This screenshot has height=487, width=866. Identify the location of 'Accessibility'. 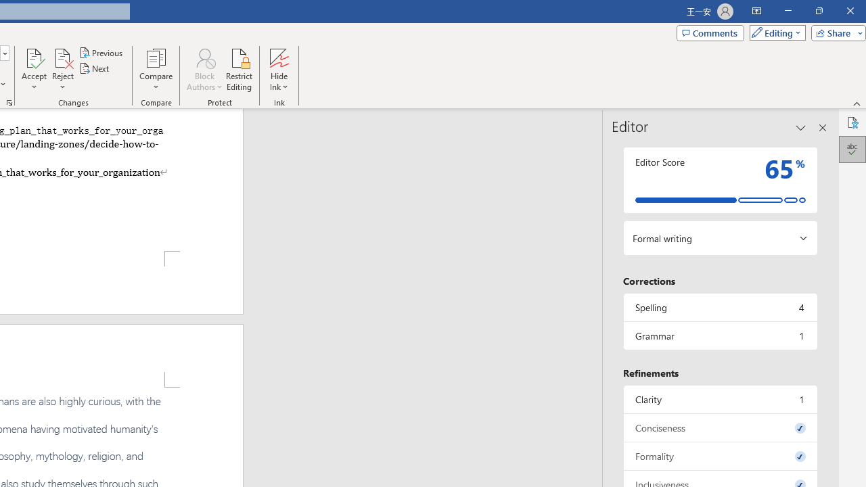
(852, 122).